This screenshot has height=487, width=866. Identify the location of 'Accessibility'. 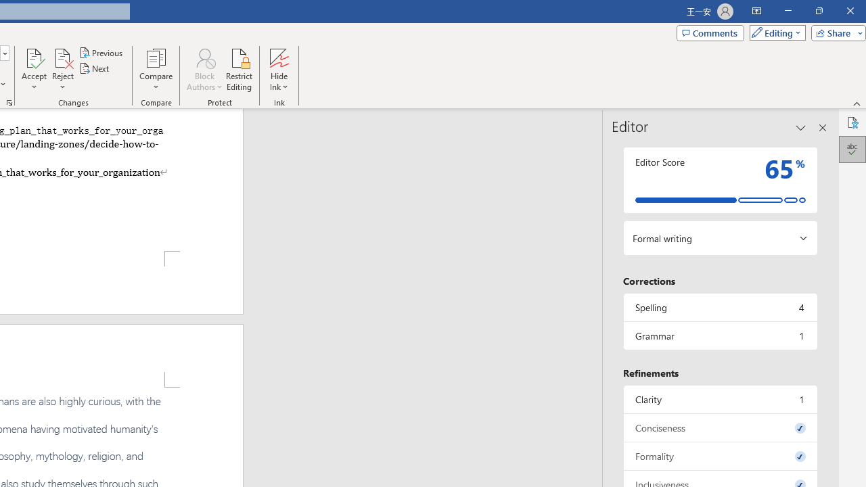
(852, 122).